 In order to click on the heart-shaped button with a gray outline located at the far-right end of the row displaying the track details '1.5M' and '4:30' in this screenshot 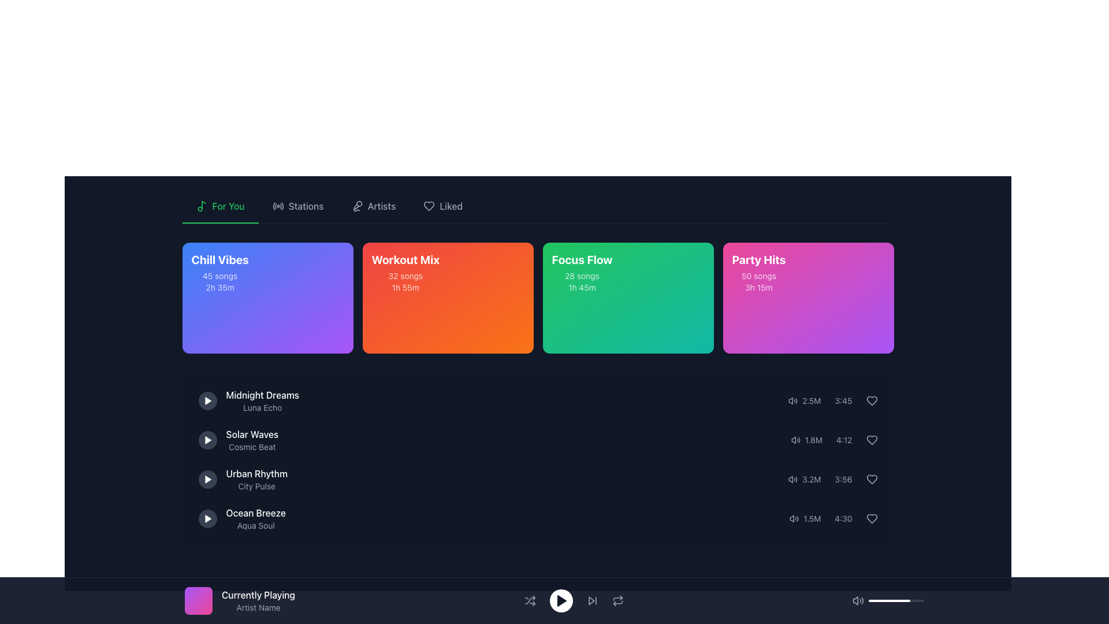, I will do `click(872, 518)`.